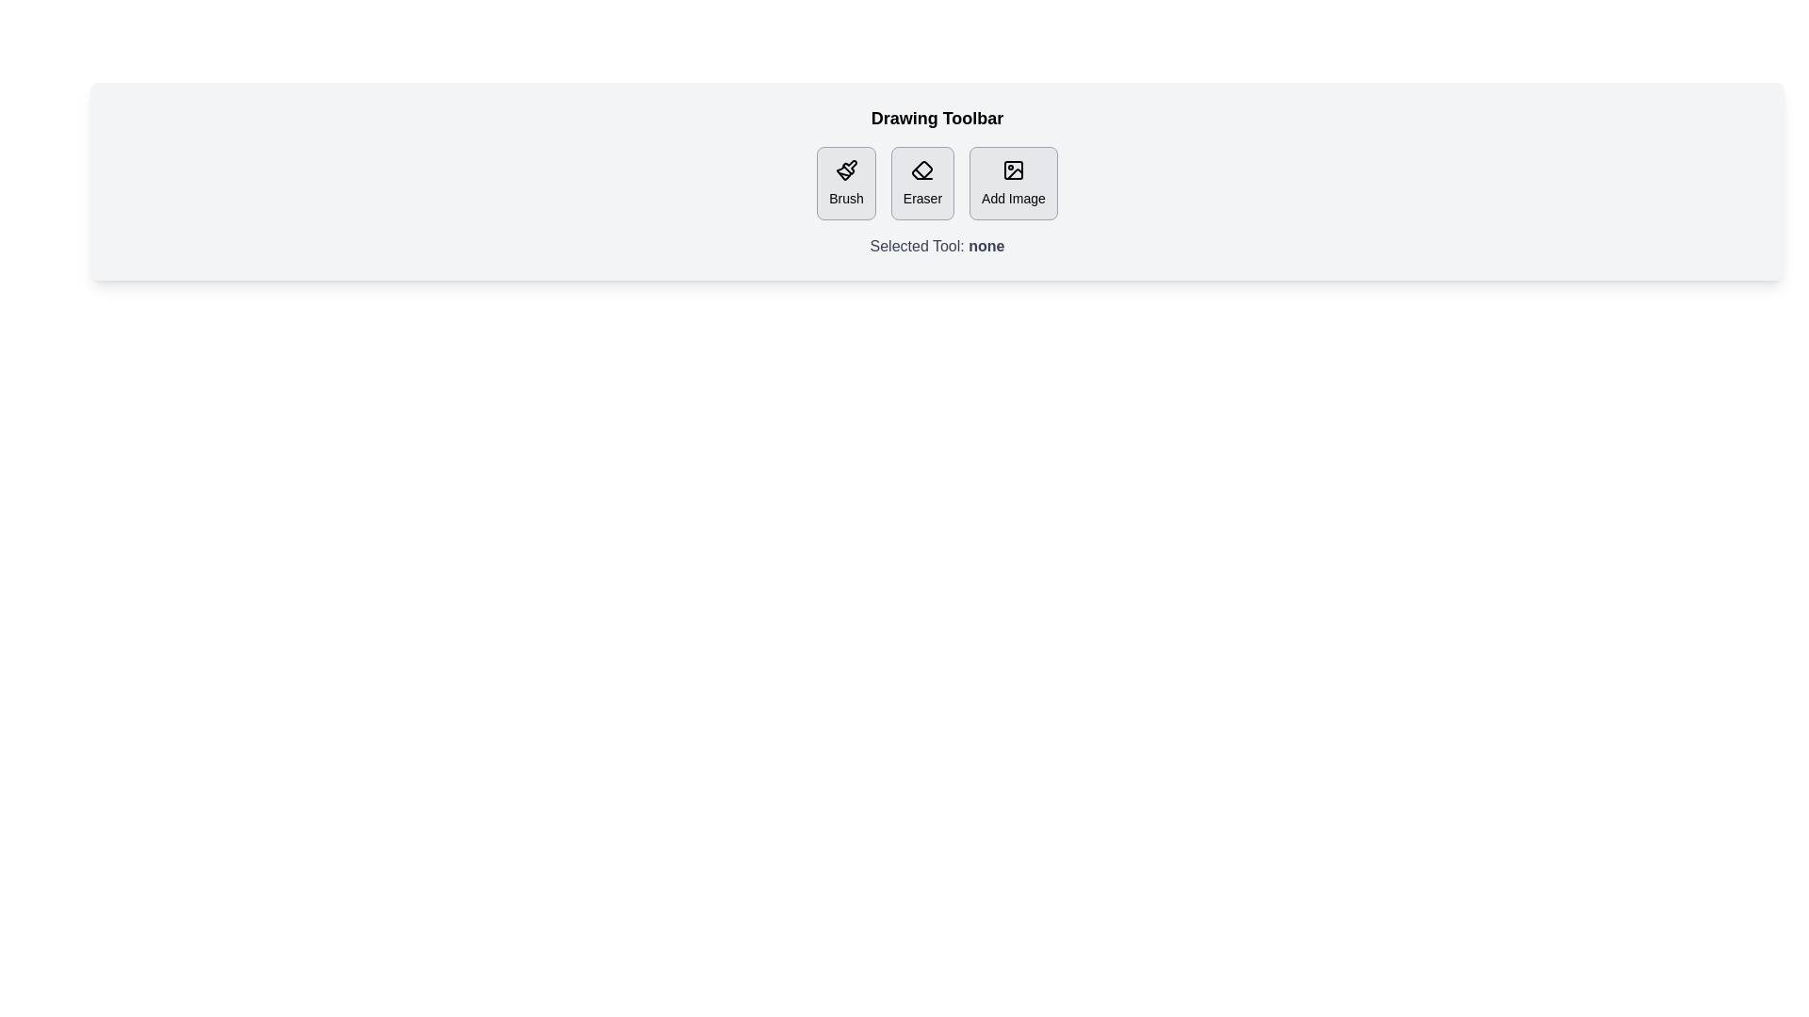 The image size is (1809, 1017). Describe the element at coordinates (845, 184) in the screenshot. I see `the Brush button to observe the hover effect` at that location.